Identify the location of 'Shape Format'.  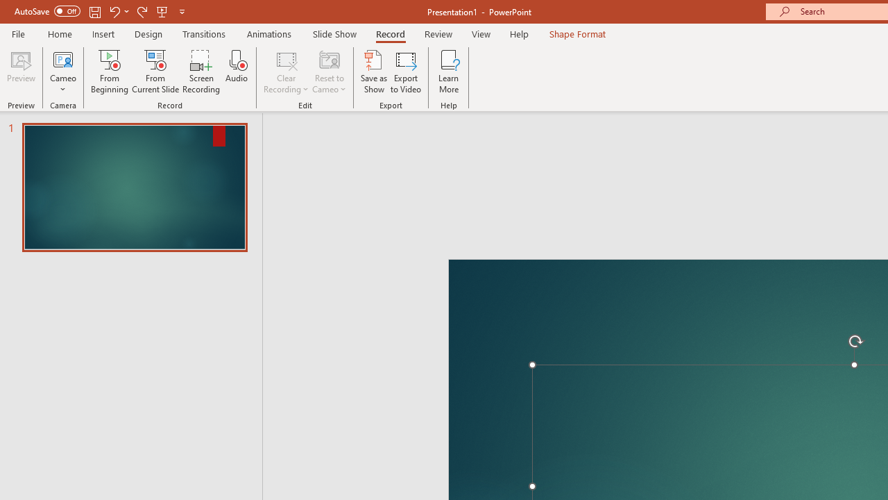
(577, 33).